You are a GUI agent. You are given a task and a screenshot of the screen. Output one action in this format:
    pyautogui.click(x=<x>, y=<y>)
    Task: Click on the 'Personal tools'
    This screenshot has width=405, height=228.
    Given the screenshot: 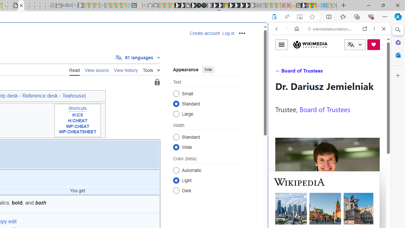 What is the action you would take?
    pyautogui.click(x=241, y=33)
    